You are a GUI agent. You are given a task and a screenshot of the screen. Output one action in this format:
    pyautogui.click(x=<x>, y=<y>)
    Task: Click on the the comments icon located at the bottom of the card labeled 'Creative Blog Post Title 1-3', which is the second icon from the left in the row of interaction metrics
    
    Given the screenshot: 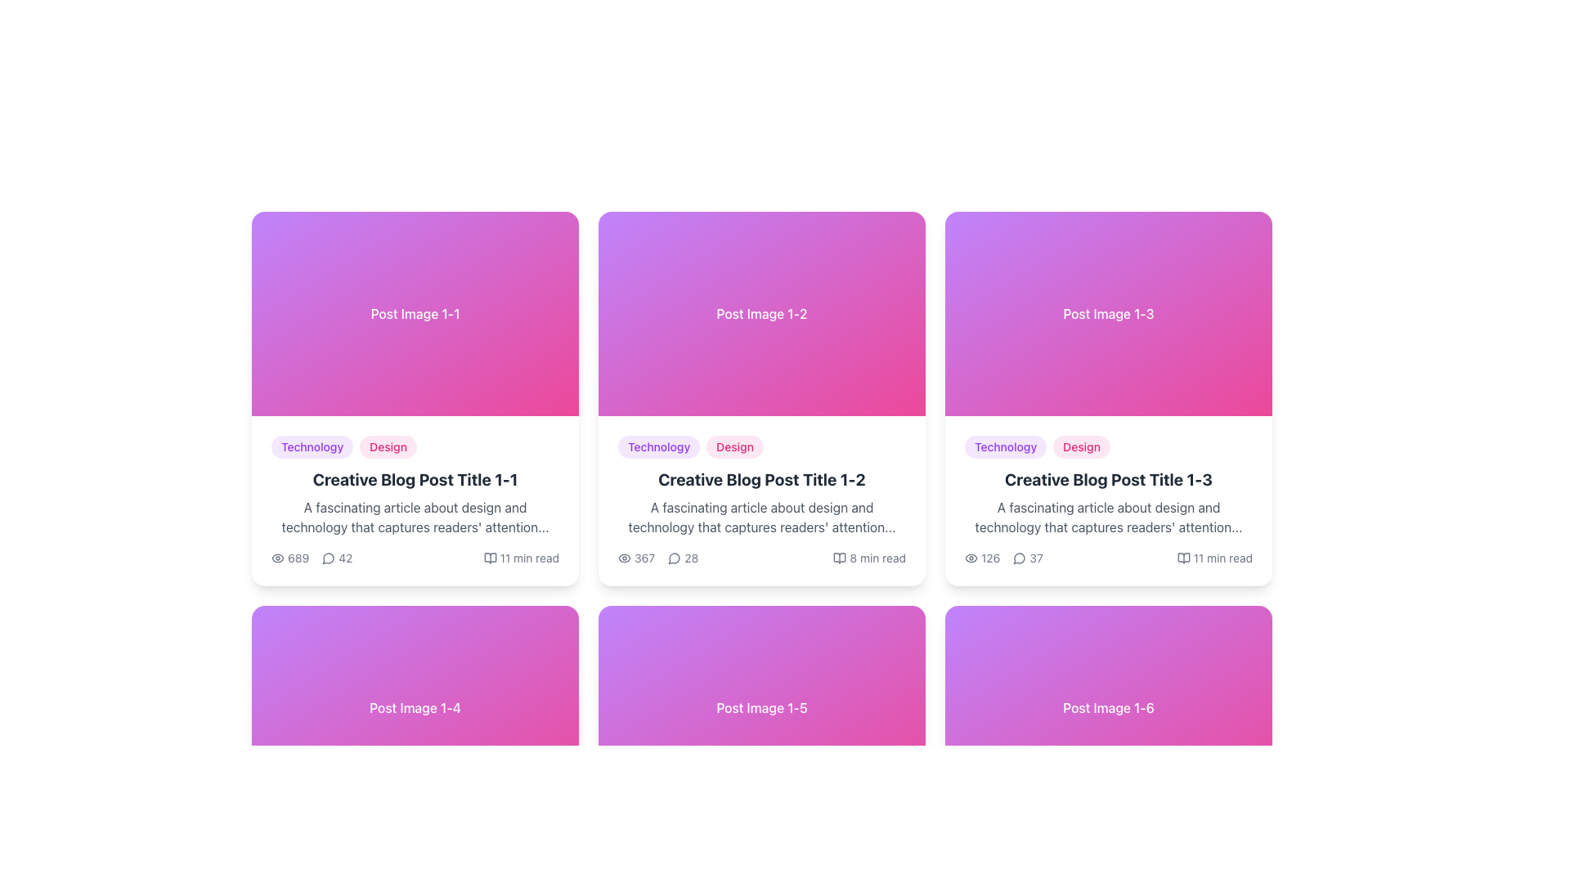 What is the action you would take?
    pyautogui.click(x=1019, y=558)
    